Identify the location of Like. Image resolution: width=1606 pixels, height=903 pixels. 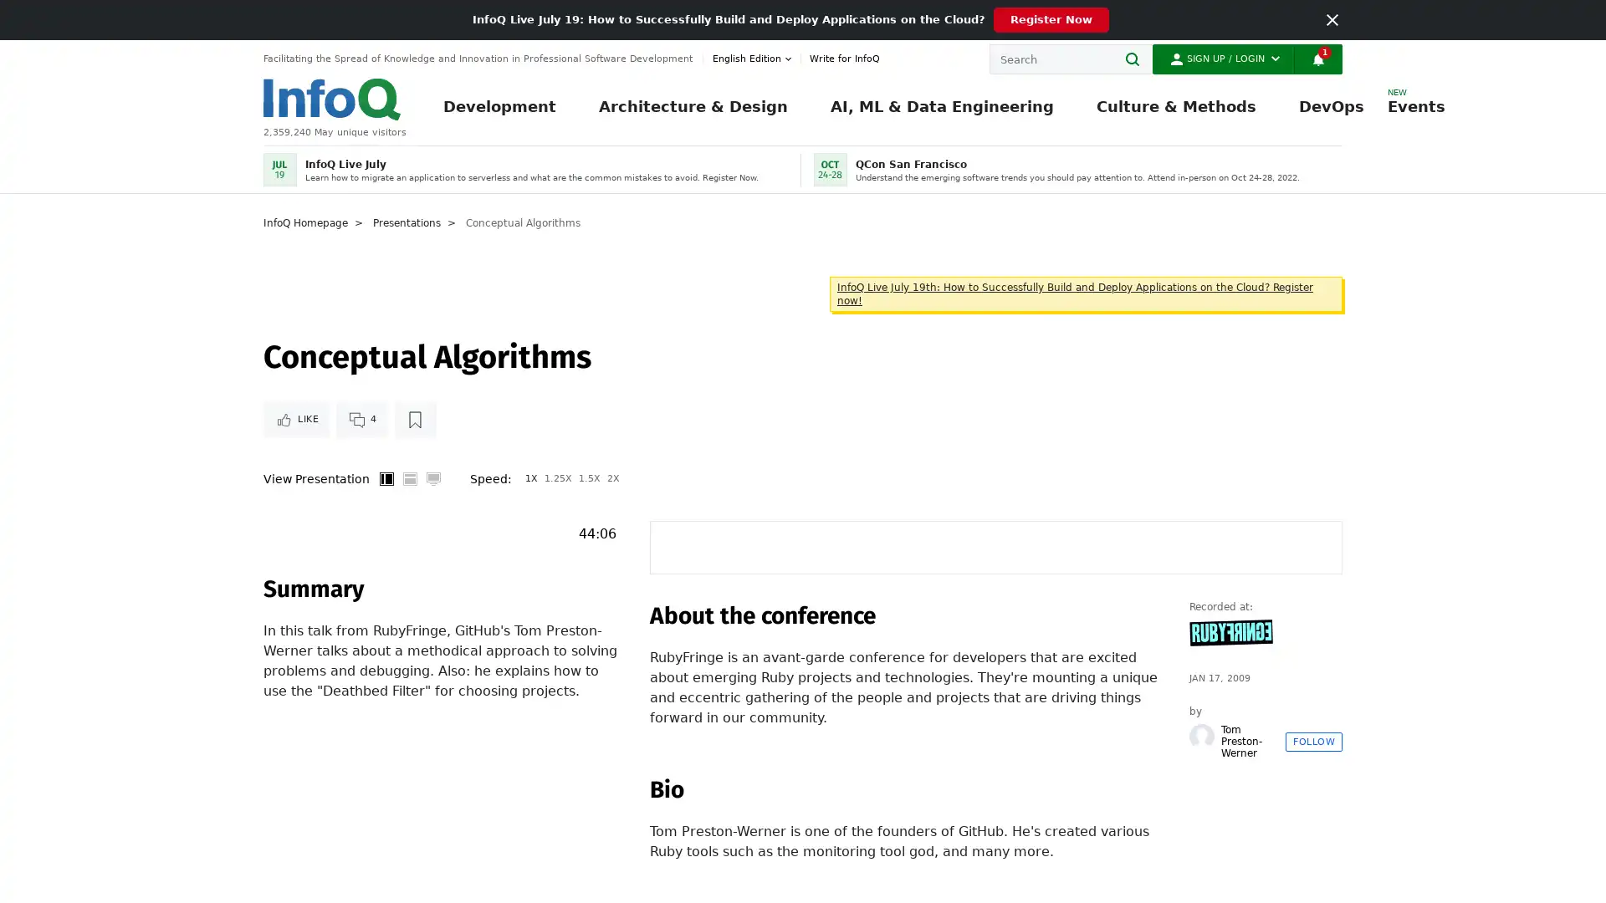
(296, 418).